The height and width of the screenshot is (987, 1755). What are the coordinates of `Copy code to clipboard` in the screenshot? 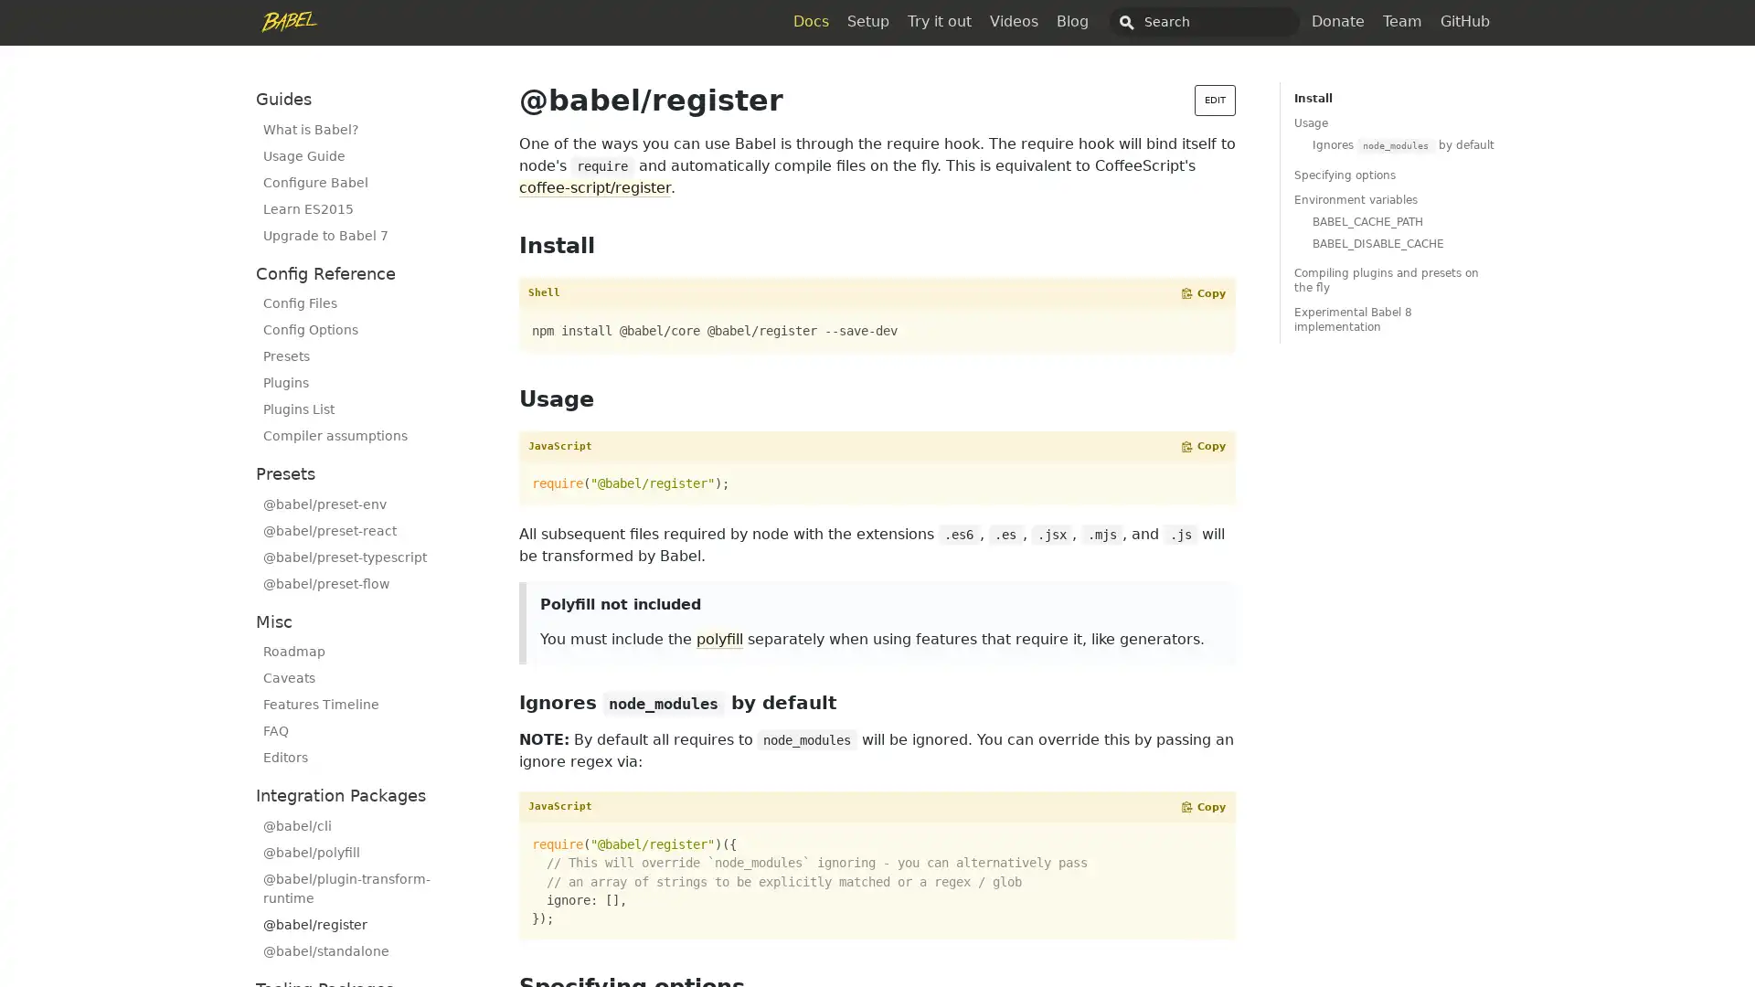 It's located at (1203, 292).